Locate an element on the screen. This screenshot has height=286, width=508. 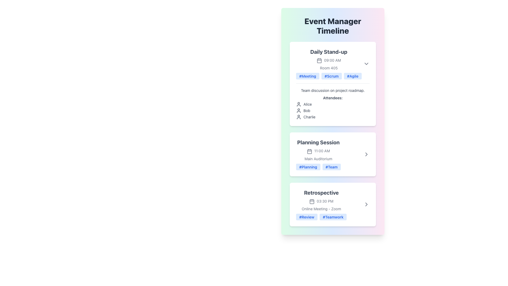
the 'Meeting' label in the 'Daily Stand-up' section is located at coordinates (307, 76).